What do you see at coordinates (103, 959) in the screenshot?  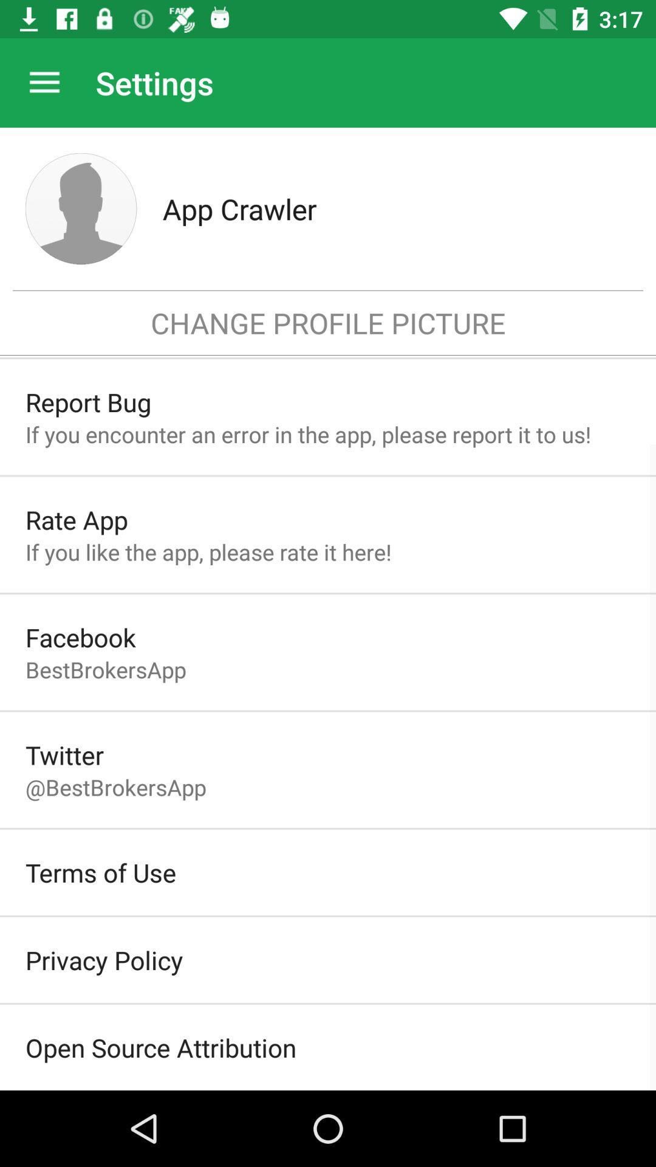 I see `the item below terms of use item` at bounding box center [103, 959].